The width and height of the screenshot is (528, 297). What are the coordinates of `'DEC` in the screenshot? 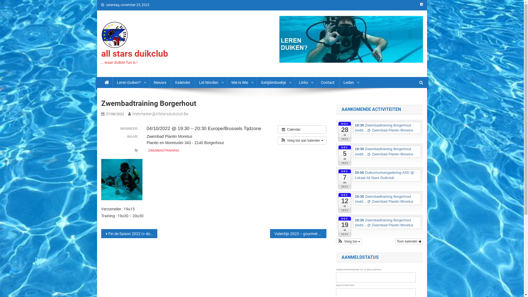 It's located at (344, 179).